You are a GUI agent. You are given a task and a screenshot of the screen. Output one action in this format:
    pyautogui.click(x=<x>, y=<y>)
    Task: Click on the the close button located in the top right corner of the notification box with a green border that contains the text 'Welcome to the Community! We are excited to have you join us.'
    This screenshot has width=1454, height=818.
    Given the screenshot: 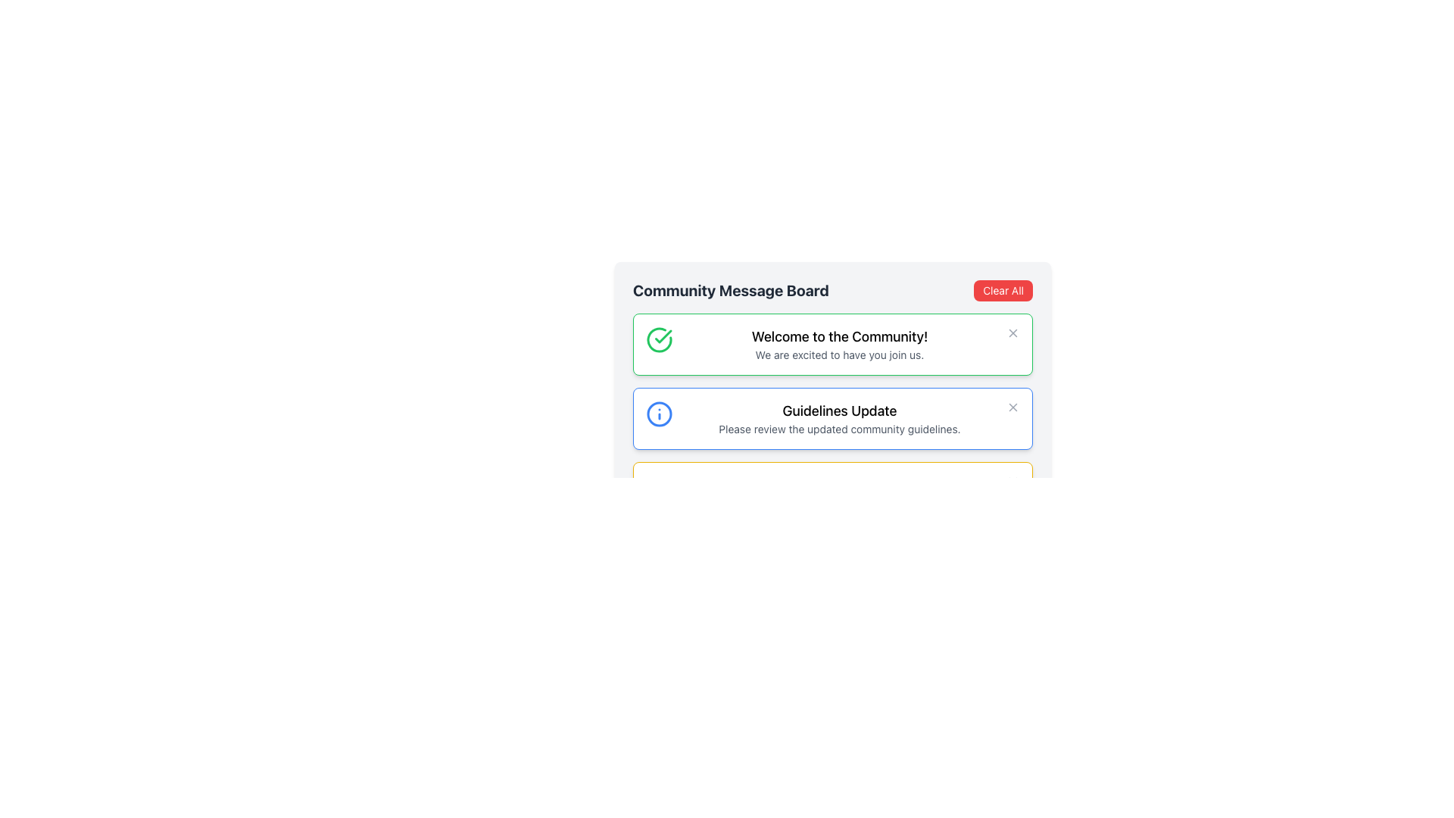 What is the action you would take?
    pyautogui.click(x=1013, y=332)
    